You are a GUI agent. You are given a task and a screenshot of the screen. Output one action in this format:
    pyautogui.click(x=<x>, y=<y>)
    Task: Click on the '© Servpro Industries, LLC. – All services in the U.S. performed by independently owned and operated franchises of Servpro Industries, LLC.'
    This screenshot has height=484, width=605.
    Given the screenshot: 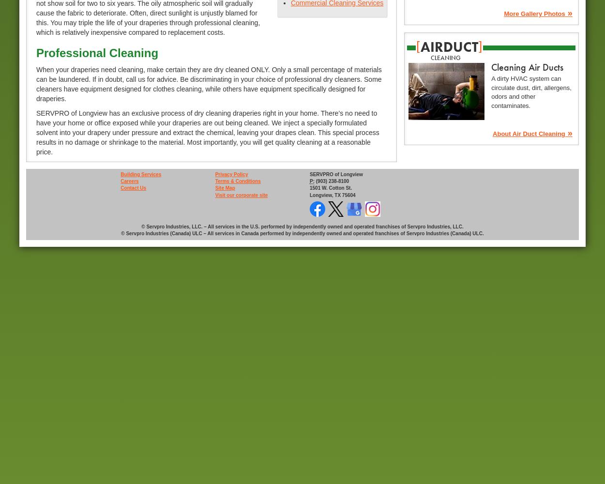 What is the action you would take?
    pyautogui.click(x=302, y=226)
    